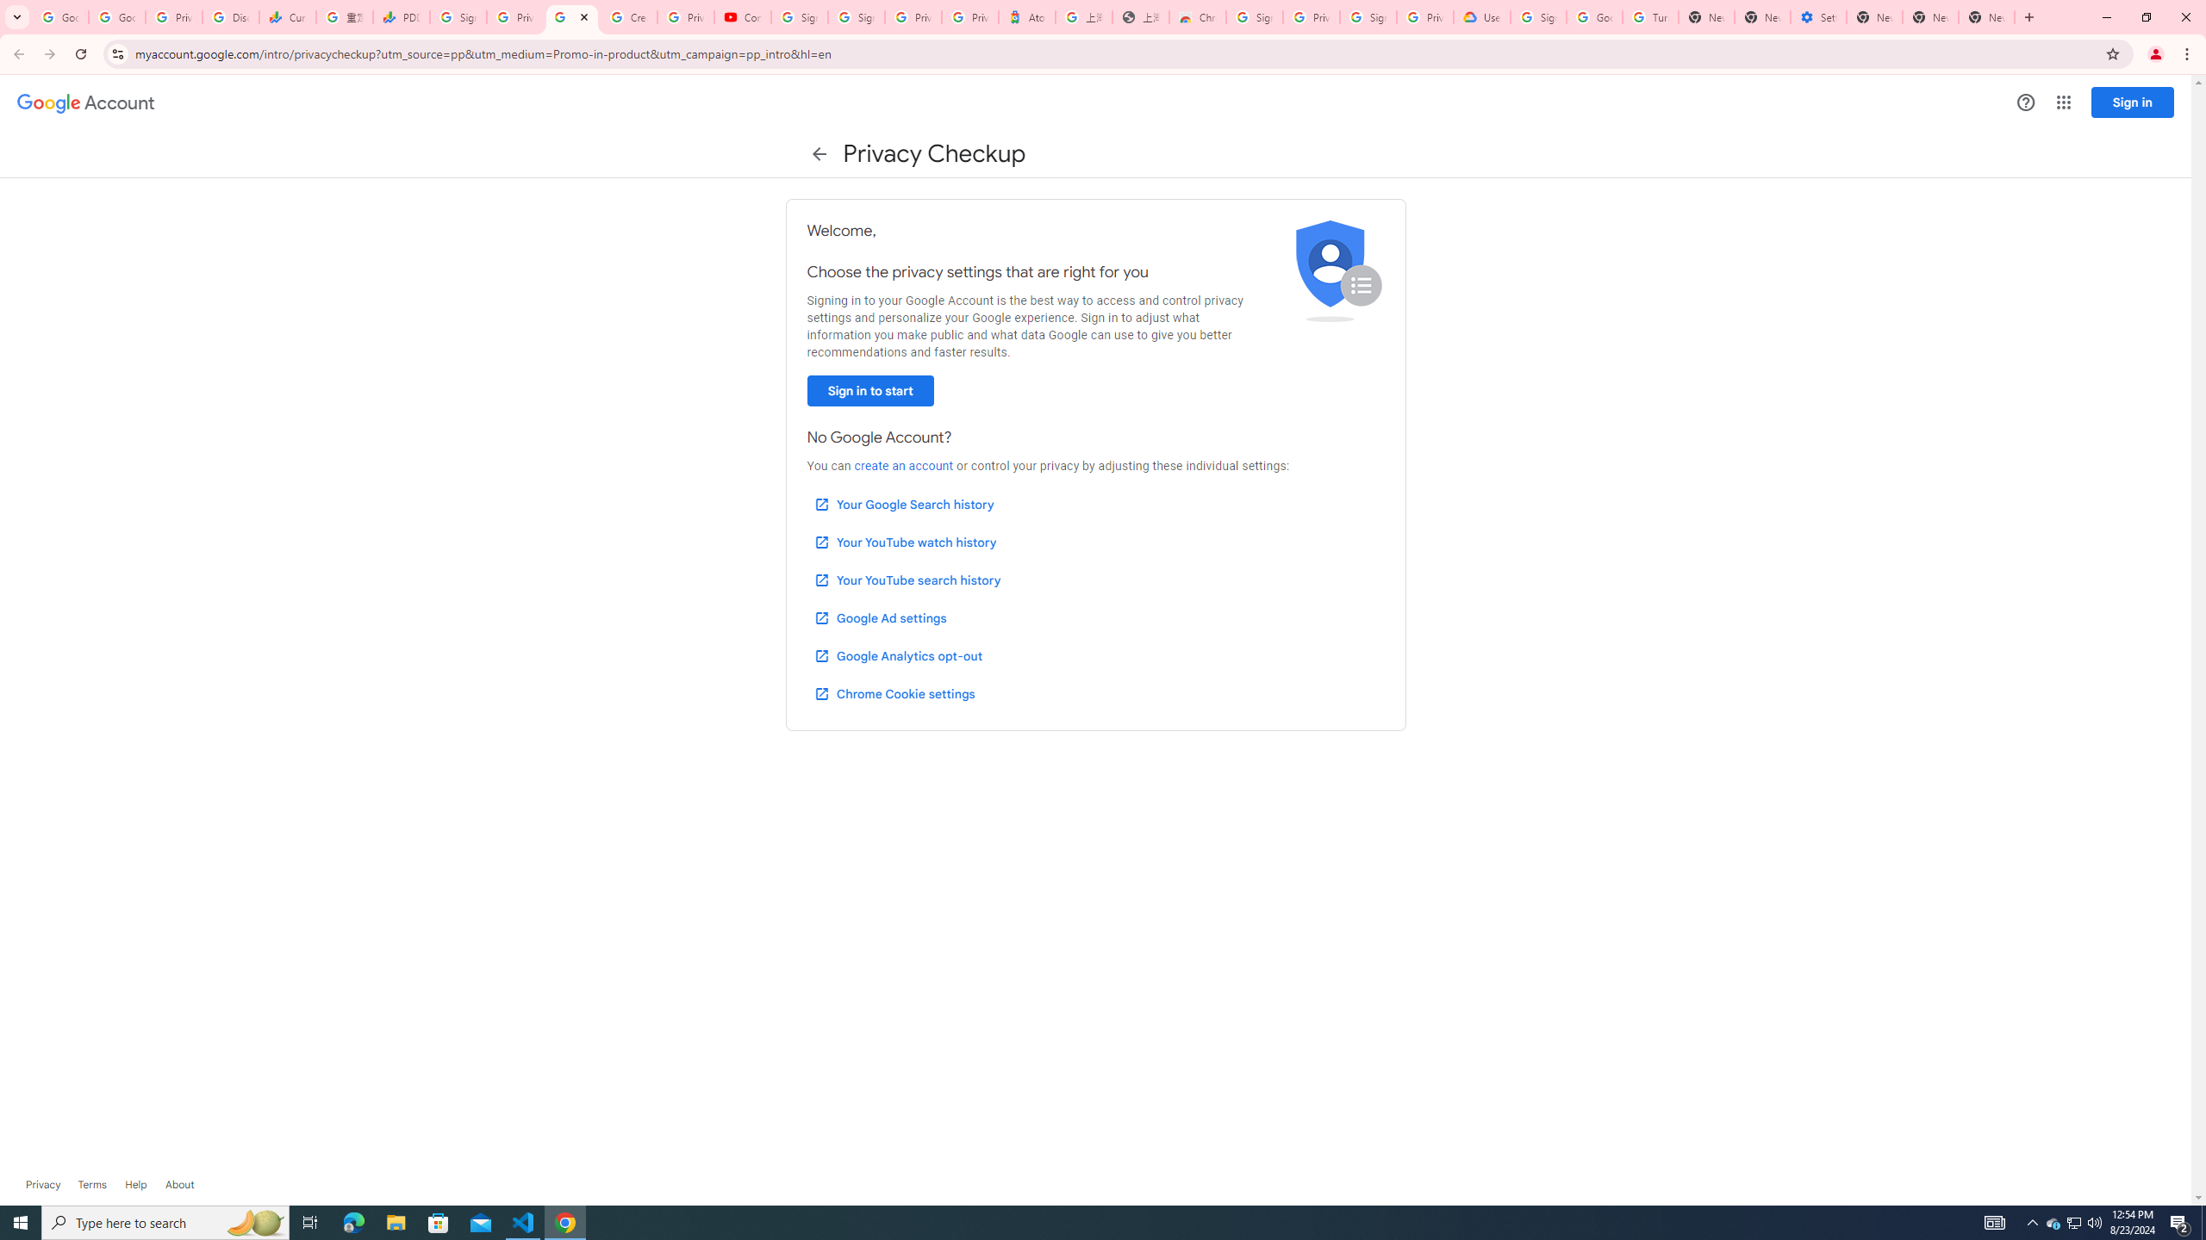  What do you see at coordinates (800, 16) in the screenshot?
I see `'Sign in - Google Accounts'` at bounding box center [800, 16].